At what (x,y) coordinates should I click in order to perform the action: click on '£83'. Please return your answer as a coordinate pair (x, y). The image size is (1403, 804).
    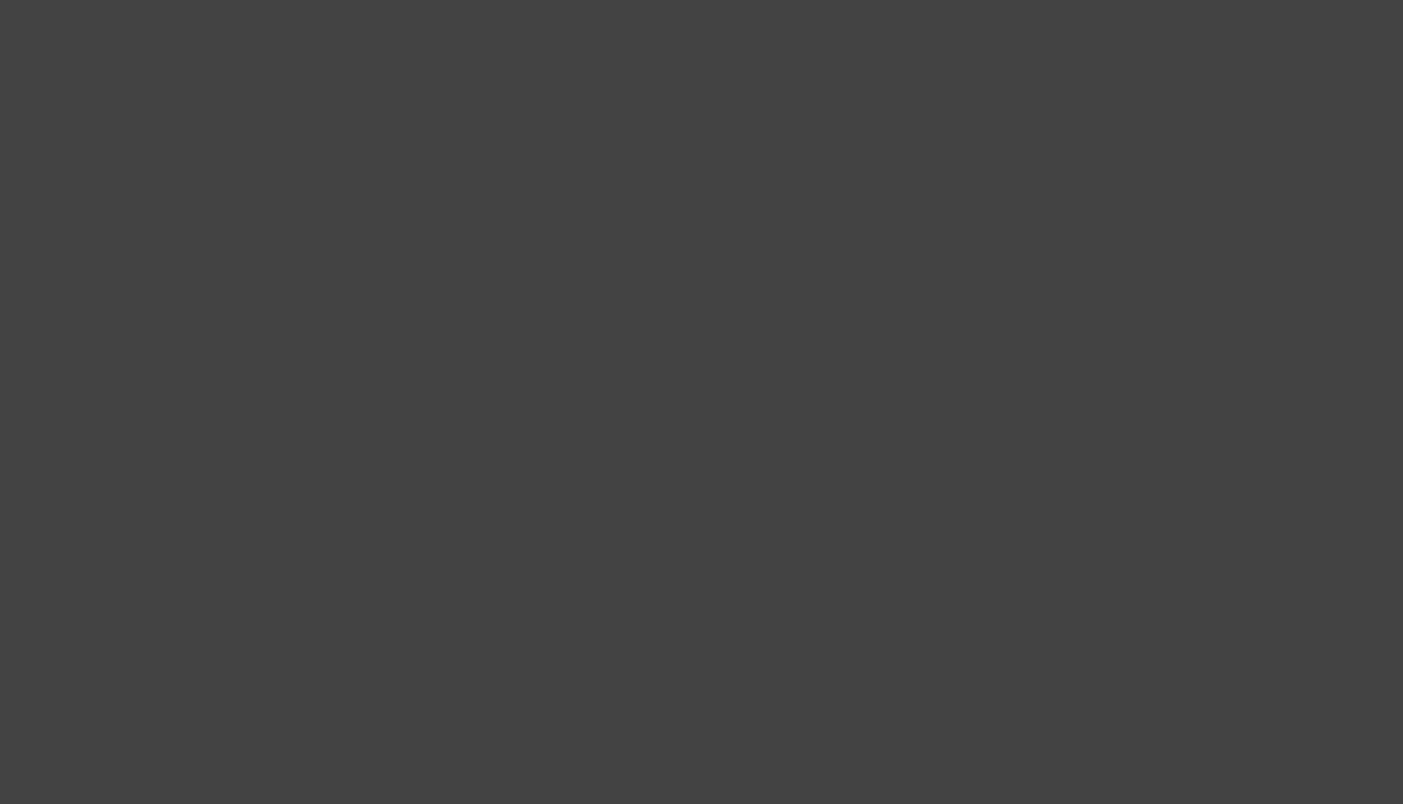
    Looking at the image, I should click on (1087, 73).